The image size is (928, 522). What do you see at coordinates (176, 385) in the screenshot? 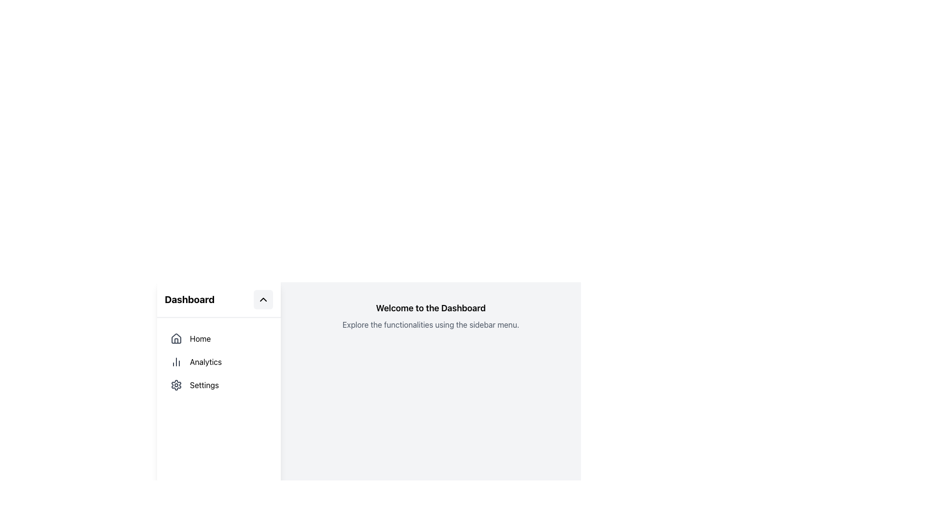
I see `the settings icon, which is a minimalistic grey gear icon located at the start of the 'Settings' list item in the sidebar` at bounding box center [176, 385].